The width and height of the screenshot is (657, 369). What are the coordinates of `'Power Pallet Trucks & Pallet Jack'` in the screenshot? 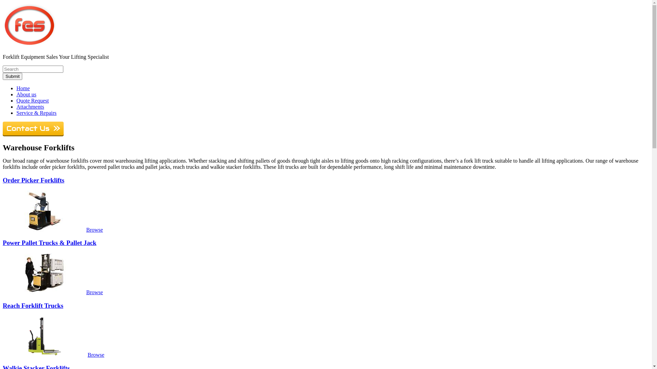 It's located at (49, 242).